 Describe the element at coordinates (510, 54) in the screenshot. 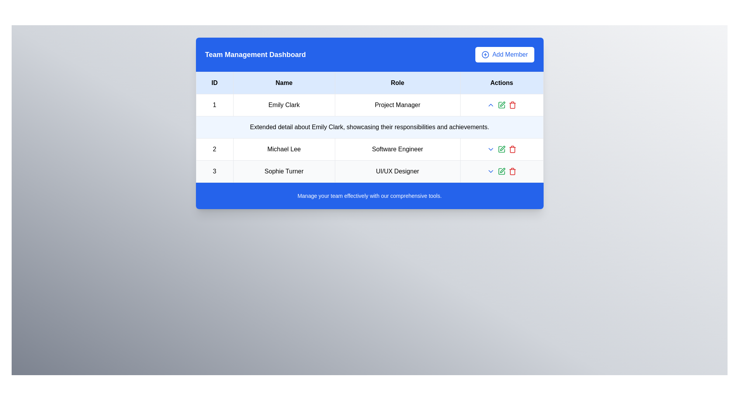

I see `the text label 'Add Member' within the interactive button` at that location.